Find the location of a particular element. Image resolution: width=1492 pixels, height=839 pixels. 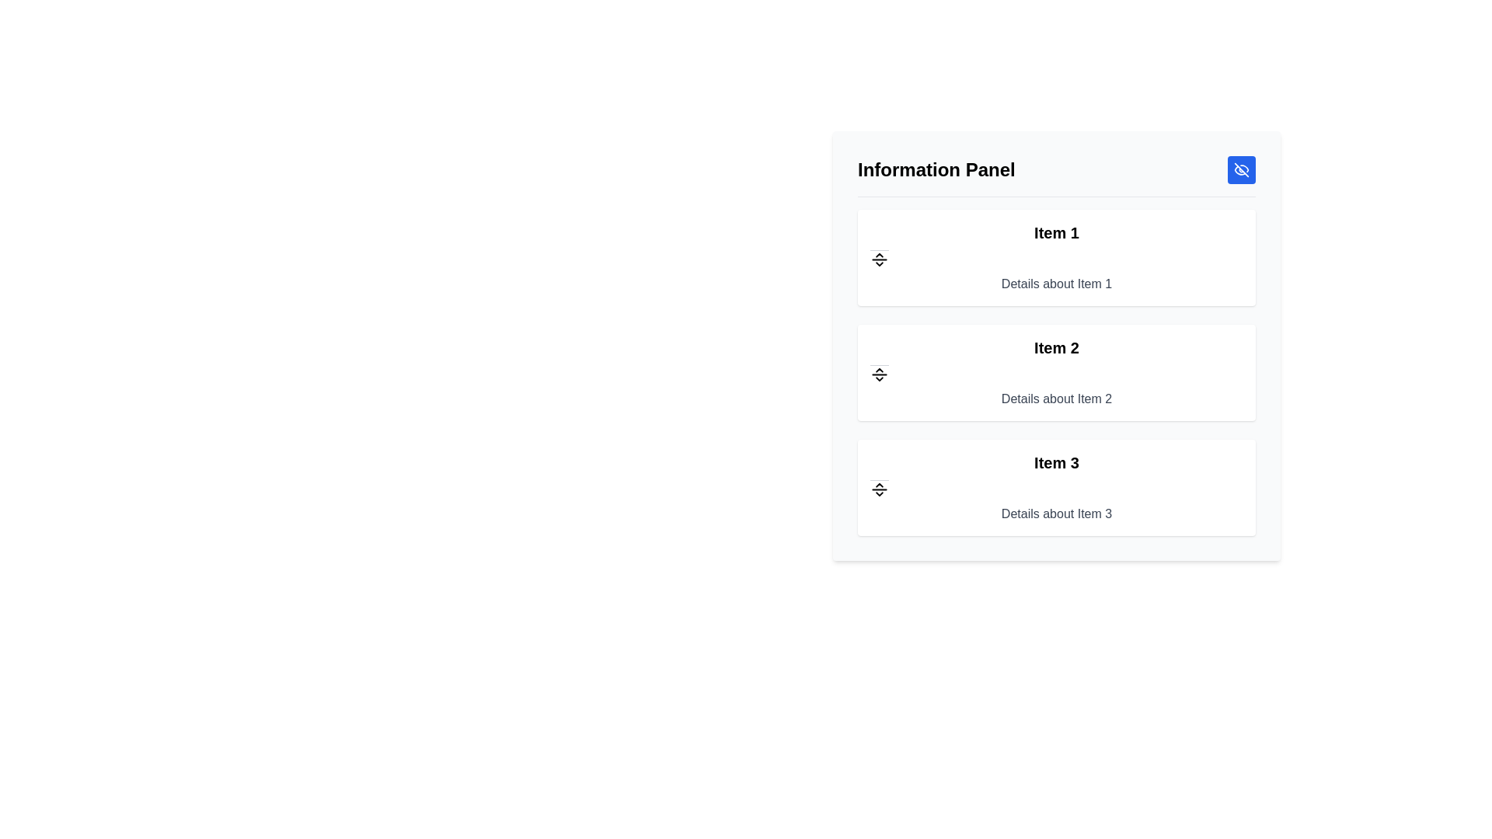

text segment labeled 'Details about Item 1' located in the Information Panel, which is displayed in gray font beneath the title 'Item 1' is located at coordinates (1056, 284).